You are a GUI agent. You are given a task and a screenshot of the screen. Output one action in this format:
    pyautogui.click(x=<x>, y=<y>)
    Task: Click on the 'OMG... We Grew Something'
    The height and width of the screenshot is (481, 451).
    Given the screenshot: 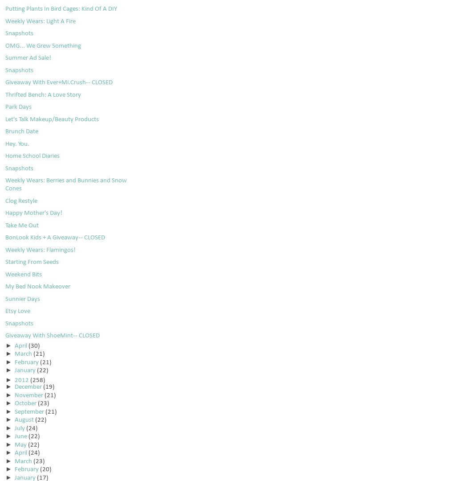 What is the action you would take?
    pyautogui.click(x=43, y=45)
    